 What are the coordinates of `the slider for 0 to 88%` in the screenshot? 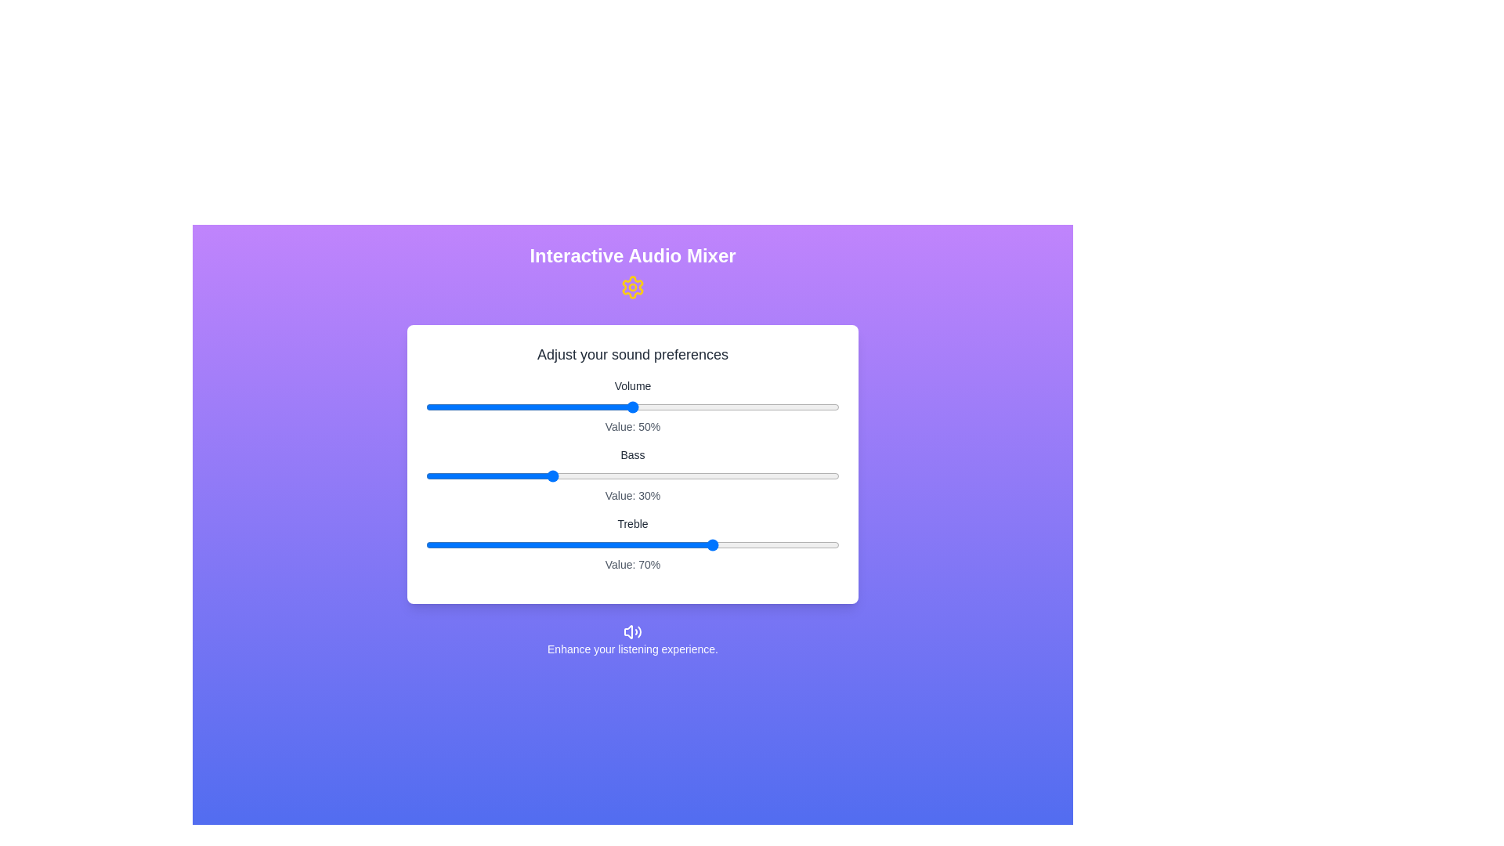 It's located at (790, 407).